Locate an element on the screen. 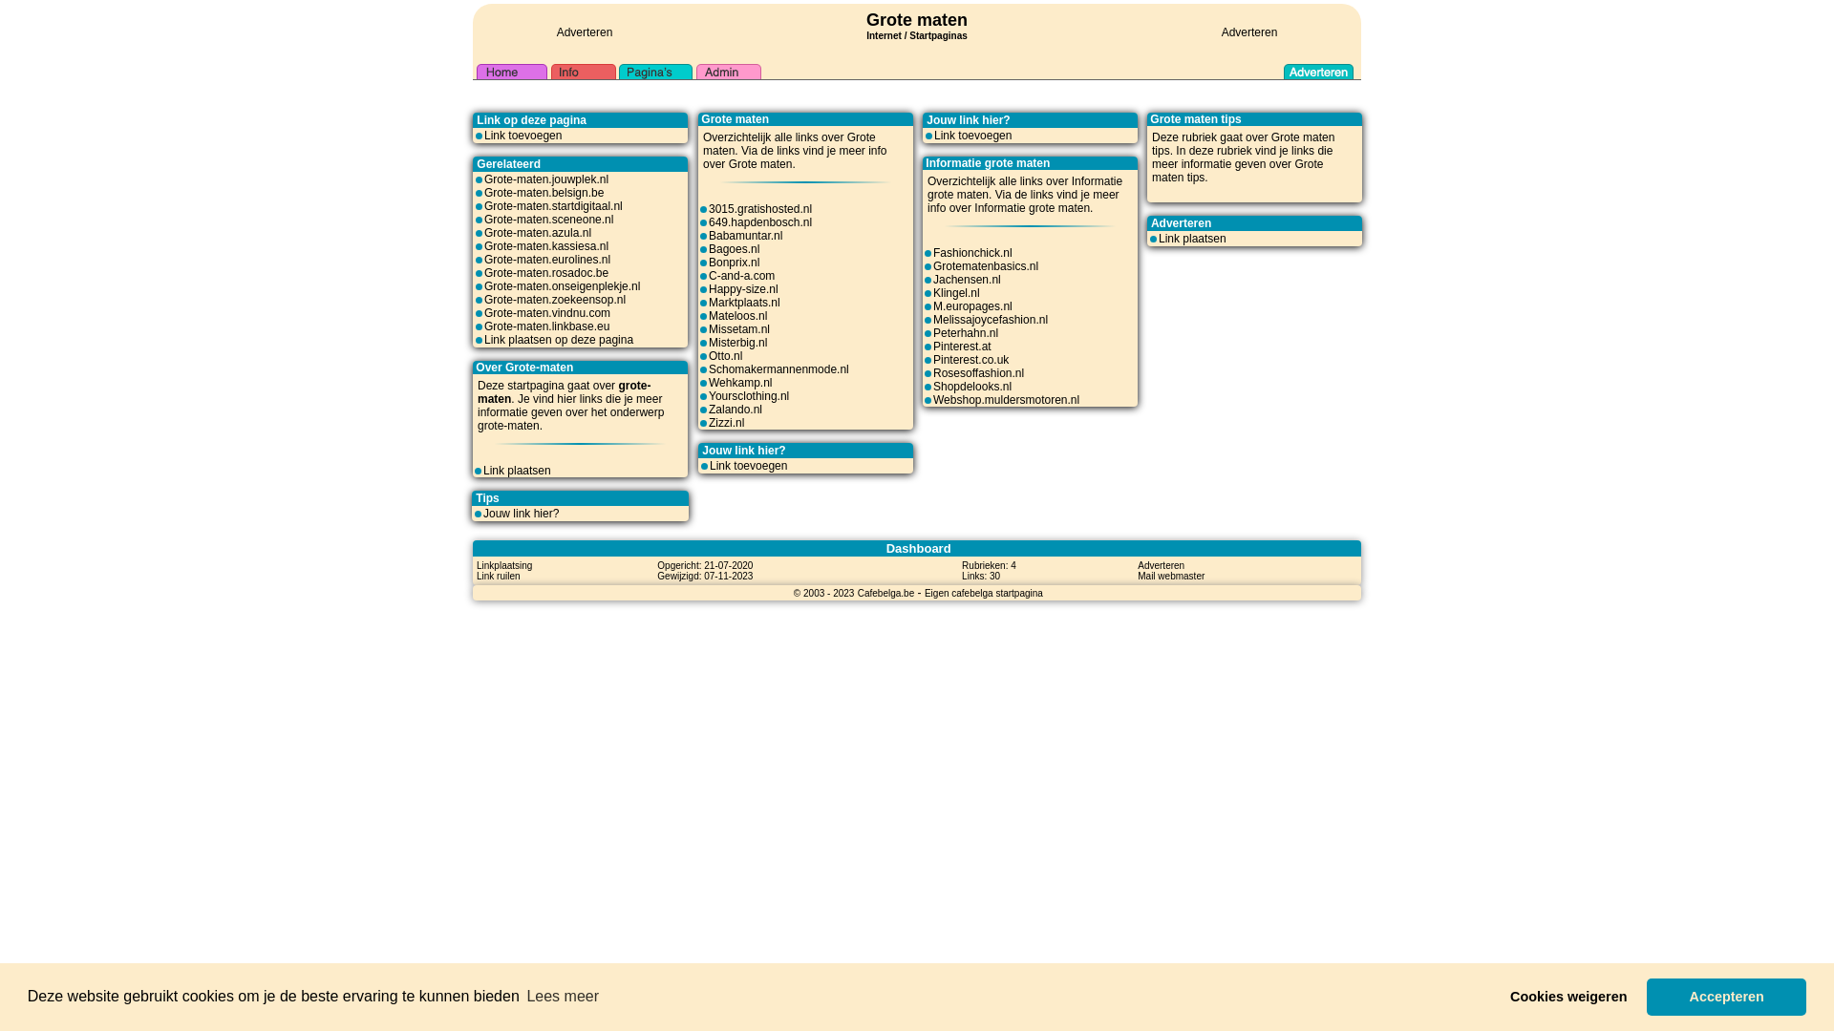 This screenshot has width=1834, height=1031. 'Otto.nl' is located at coordinates (724, 356).